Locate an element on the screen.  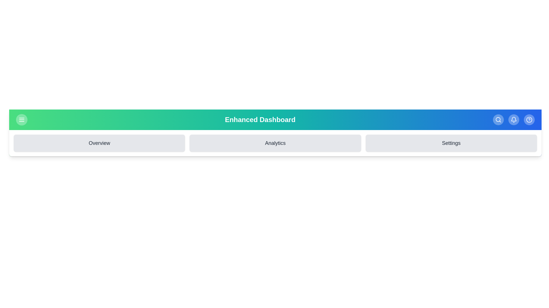
the 'Enhanced Dashboard' text is located at coordinates (260, 119).